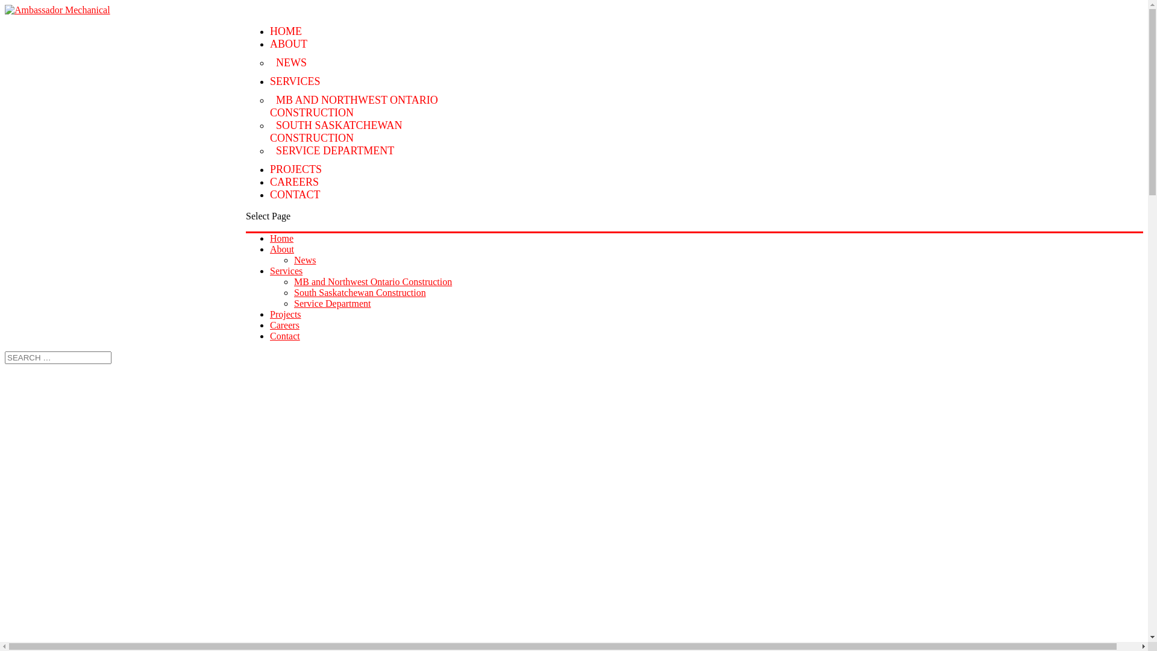 This screenshot has height=651, width=1157. I want to click on 'Careers', so click(284, 324).